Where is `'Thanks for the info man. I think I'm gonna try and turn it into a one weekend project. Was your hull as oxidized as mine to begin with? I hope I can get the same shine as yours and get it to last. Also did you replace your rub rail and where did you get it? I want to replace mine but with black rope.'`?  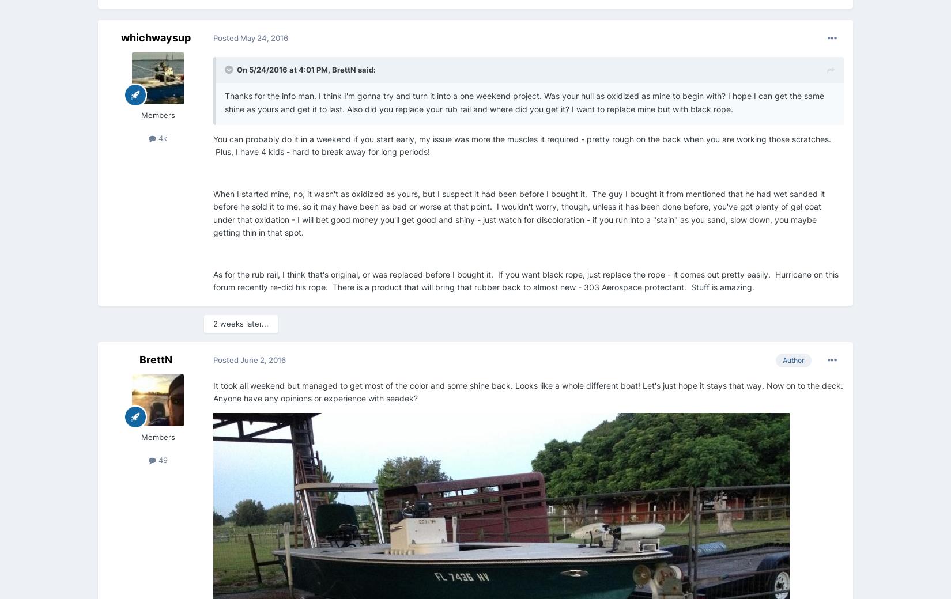
'Thanks for the info man. I think I'm gonna try and turn it into a one weekend project. Was your hull as oxidized as mine to begin with? I hope I can get the same shine as yours and get it to last. Also did you replace your rub rail and where did you get it? I want to replace mine but with black rope.' is located at coordinates (524, 102).